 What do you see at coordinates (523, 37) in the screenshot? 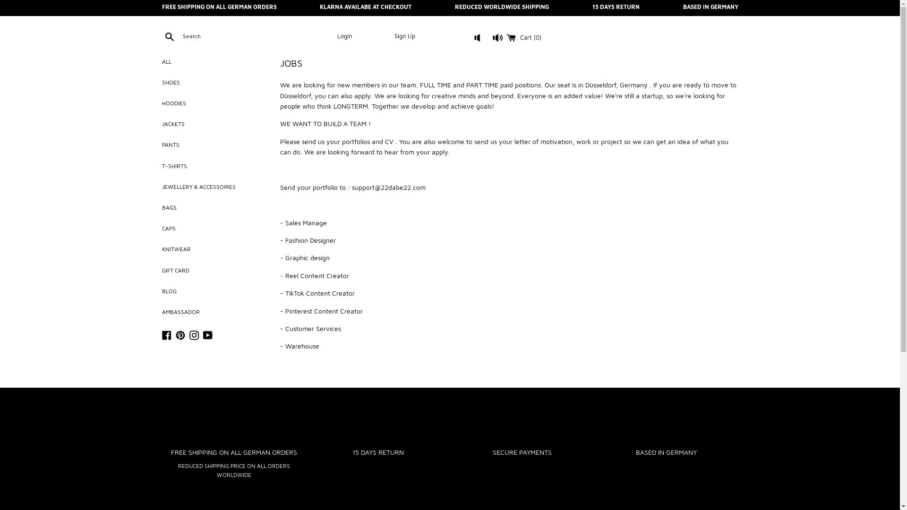
I see `'Cart (0)'` at bounding box center [523, 37].